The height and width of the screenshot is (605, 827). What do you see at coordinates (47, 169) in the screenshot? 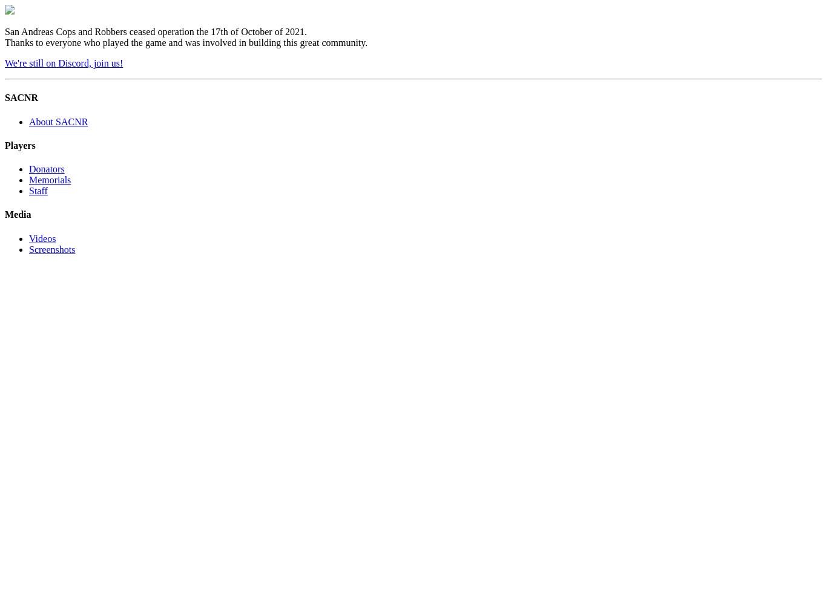
I see `'Donators'` at bounding box center [47, 169].